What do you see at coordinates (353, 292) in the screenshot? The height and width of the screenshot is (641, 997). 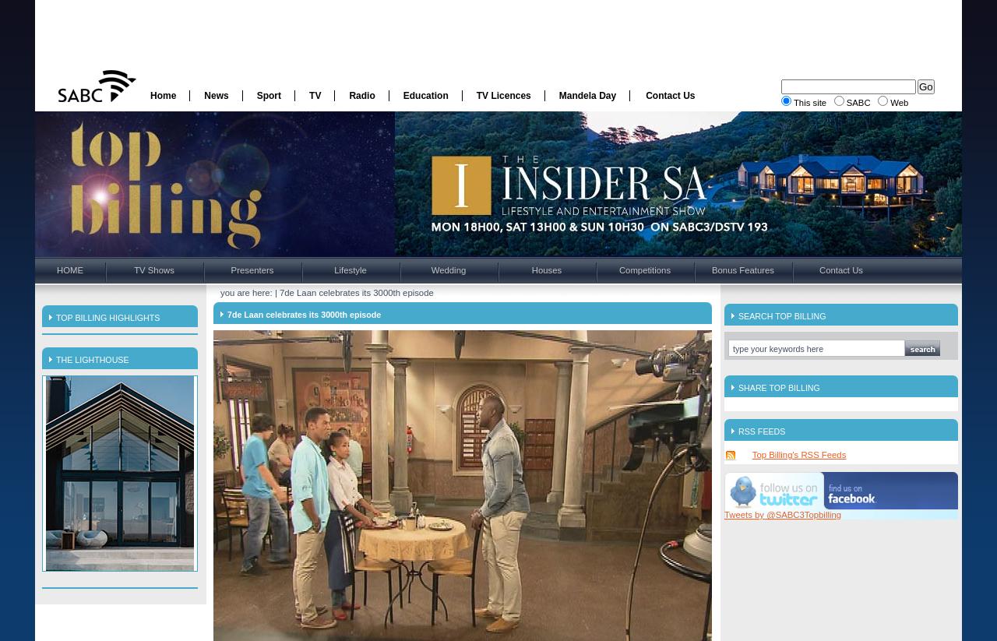 I see `'| 7de Laan celebrates its 3000th episode'` at bounding box center [353, 292].